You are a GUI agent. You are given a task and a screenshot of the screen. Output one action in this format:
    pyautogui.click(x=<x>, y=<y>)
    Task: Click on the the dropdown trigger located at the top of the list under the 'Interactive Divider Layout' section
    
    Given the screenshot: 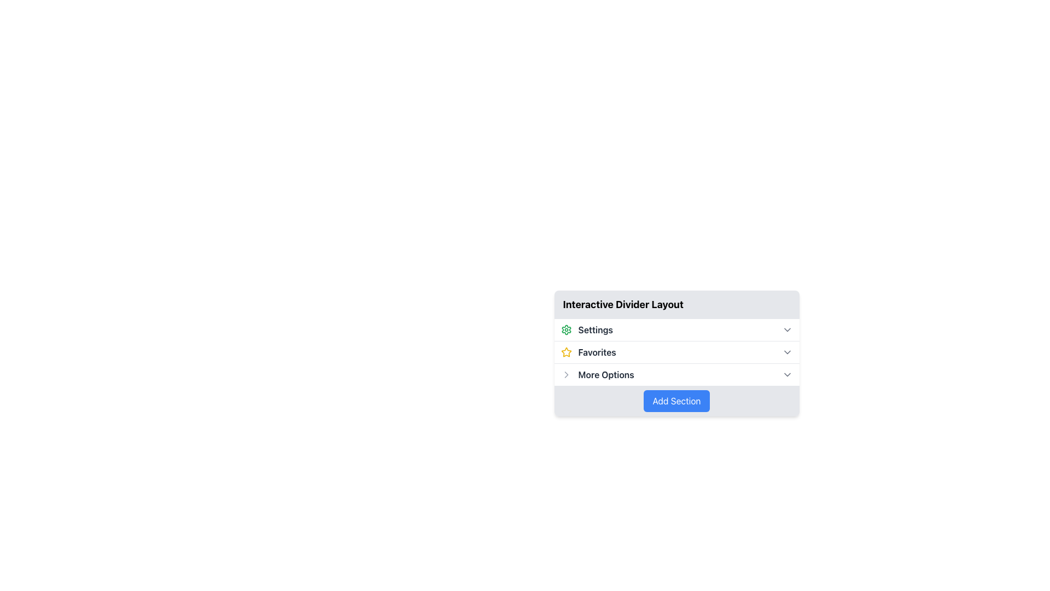 What is the action you would take?
    pyautogui.click(x=676, y=329)
    